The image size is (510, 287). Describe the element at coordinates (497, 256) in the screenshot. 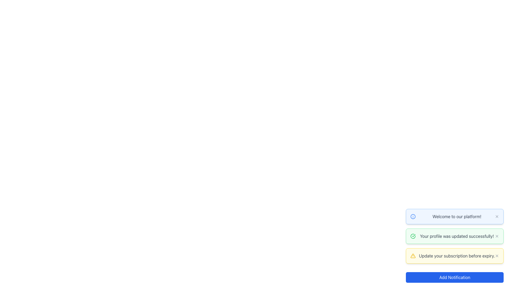

I see `the dismiss button located in the top-right section of the notification bar` at that location.